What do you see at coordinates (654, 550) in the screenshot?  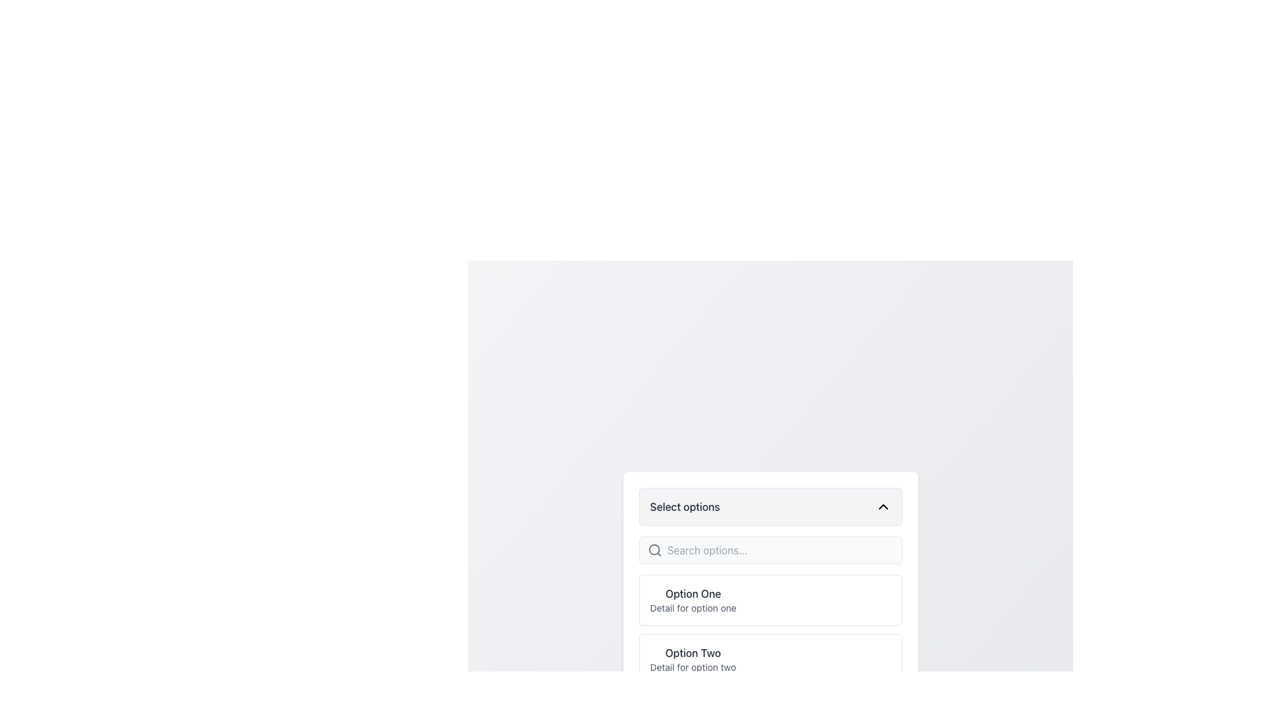 I see `the magnifying glass icon, which is styled in gray and located on the left side of the search bar input field` at bounding box center [654, 550].